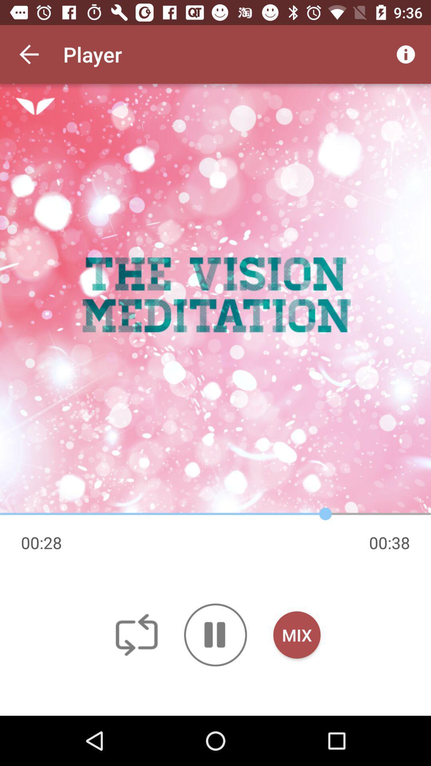 The width and height of the screenshot is (431, 766). What do you see at coordinates (215, 298) in the screenshot?
I see `icon above 00:00 icon` at bounding box center [215, 298].